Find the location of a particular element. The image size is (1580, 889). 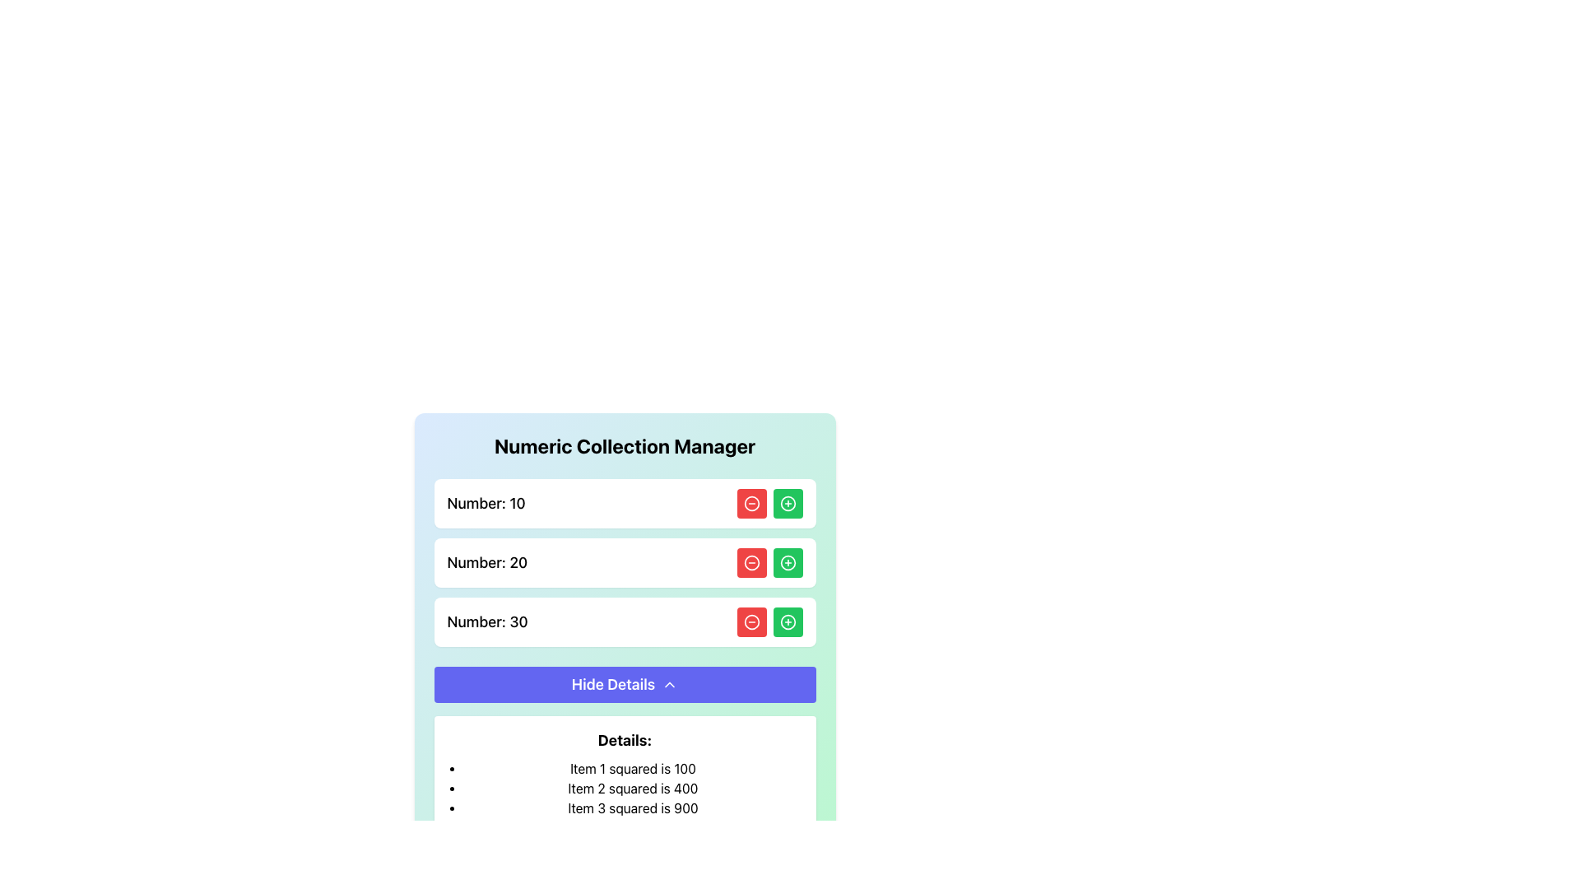

the circular icon component with a green outline and white background that features a plus sign in the middle, located within the green square-shaped button on the right side of the row labeled 'Number: 10' is located at coordinates (787, 503).